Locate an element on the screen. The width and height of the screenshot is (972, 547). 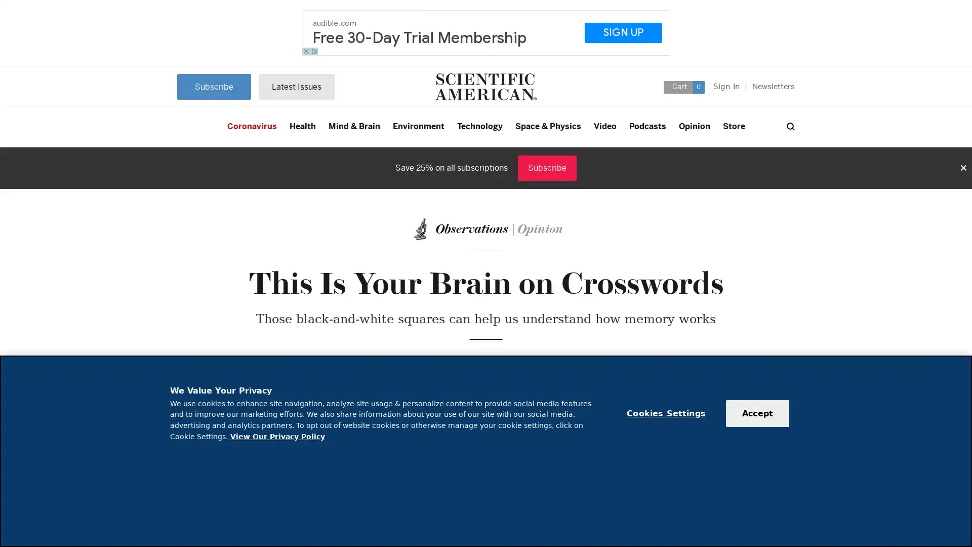
Sign In is located at coordinates (726, 85).